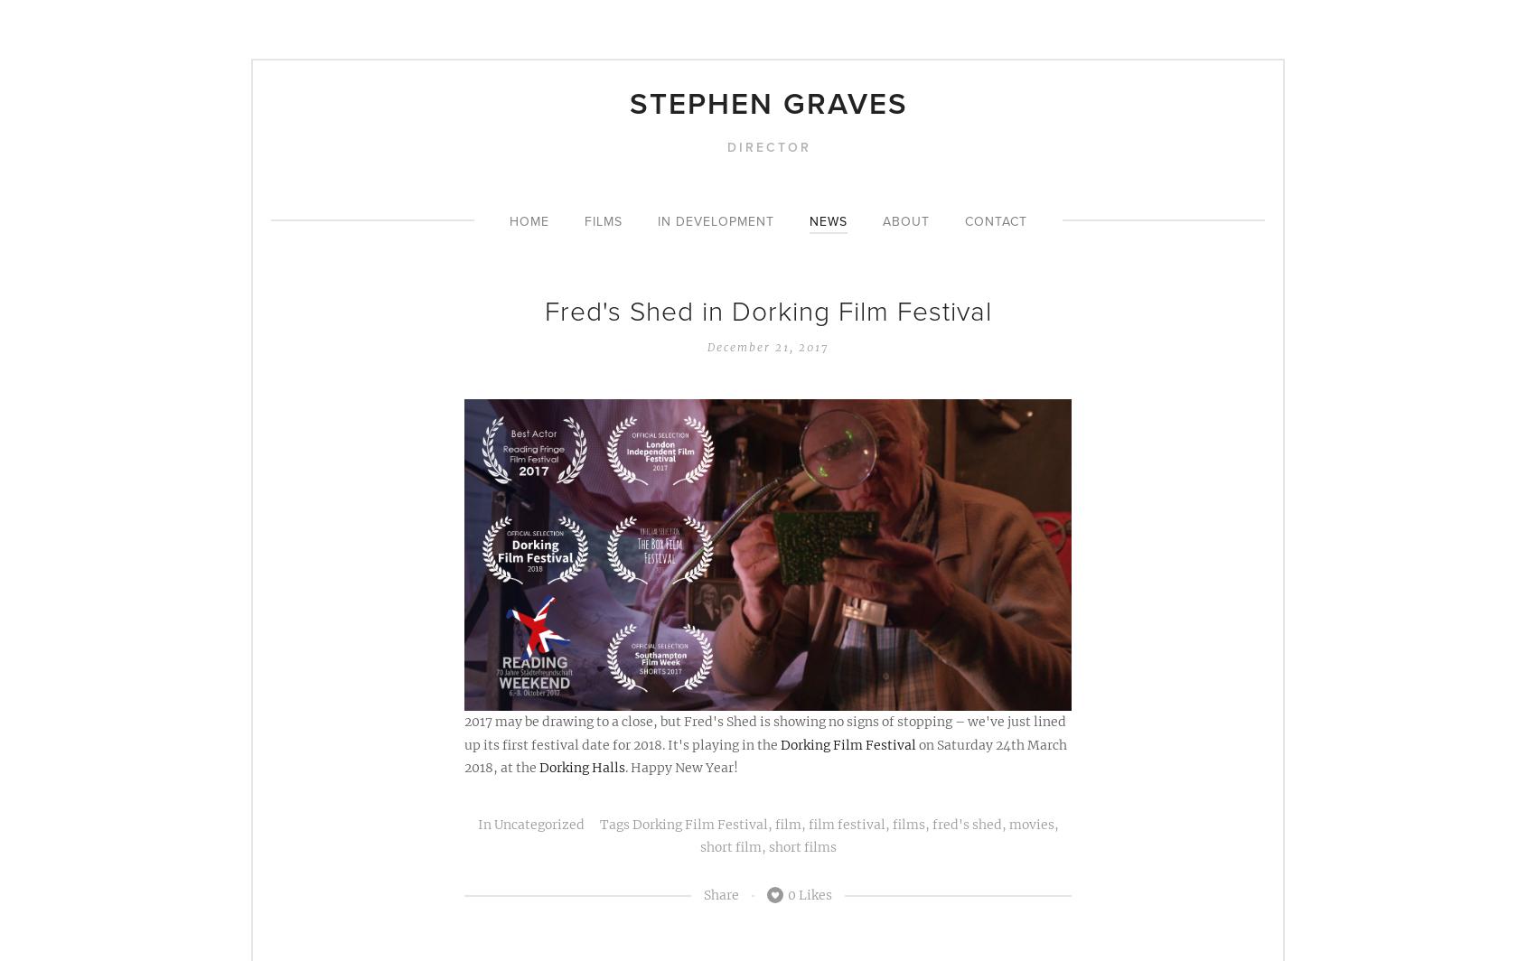  What do you see at coordinates (766, 310) in the screenshot?
I see `'Fred's Shed in Dorking Film Festival'` at bounding box center [766, 310].